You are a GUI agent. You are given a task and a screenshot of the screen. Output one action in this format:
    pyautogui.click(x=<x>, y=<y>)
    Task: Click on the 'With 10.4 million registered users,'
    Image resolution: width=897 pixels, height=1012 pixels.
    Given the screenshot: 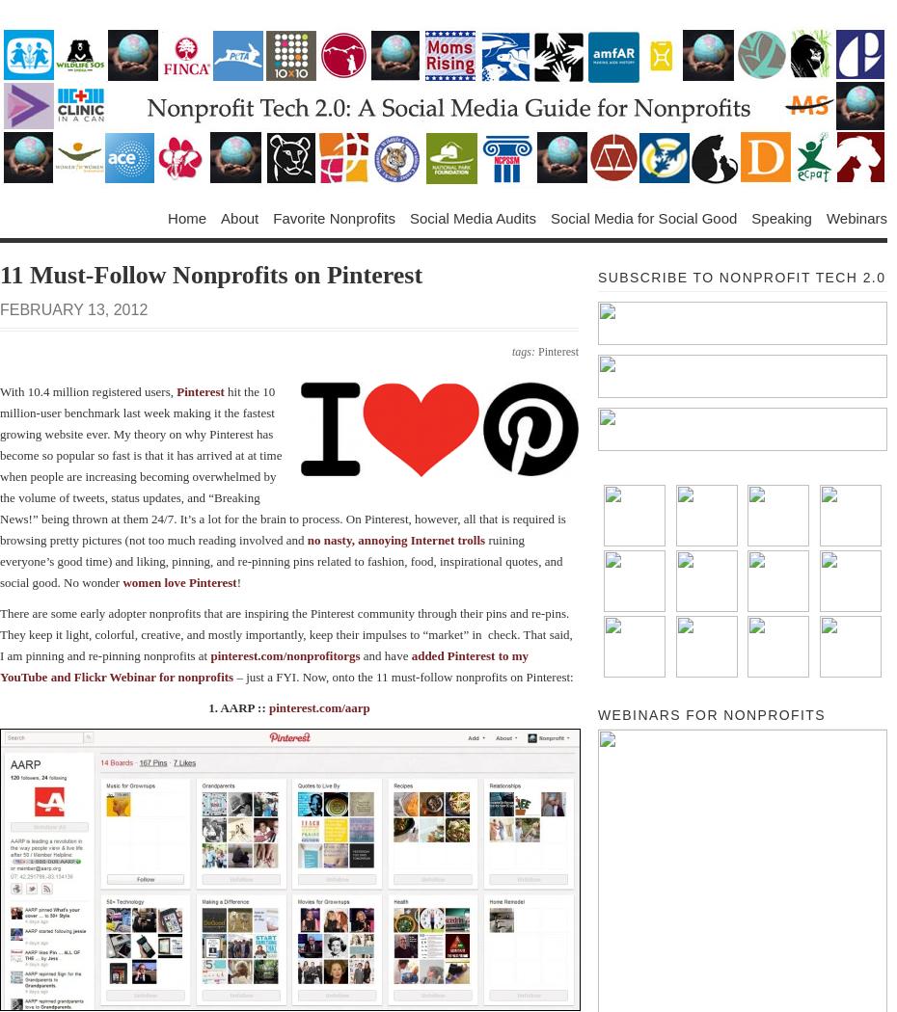 What is the action you would take?
    pyautogui.click(x=88, y=390)
    